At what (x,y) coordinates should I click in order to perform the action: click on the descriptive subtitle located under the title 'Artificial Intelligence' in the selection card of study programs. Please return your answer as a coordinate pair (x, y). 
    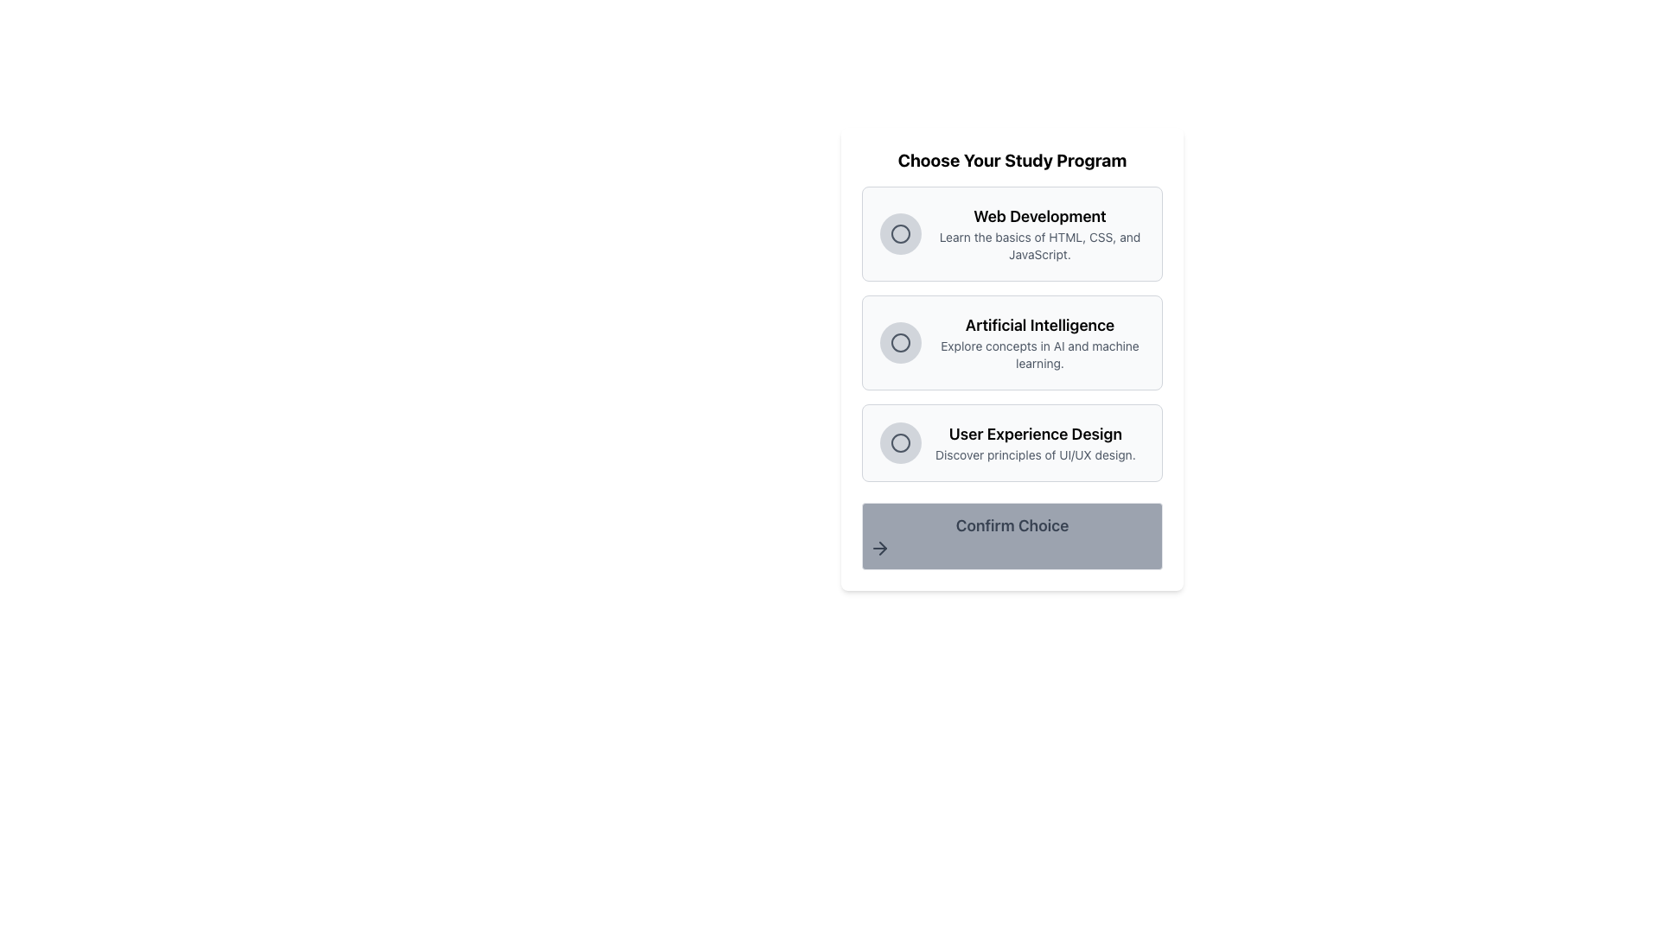
    Looking at the image, I should click on (1039, 354).